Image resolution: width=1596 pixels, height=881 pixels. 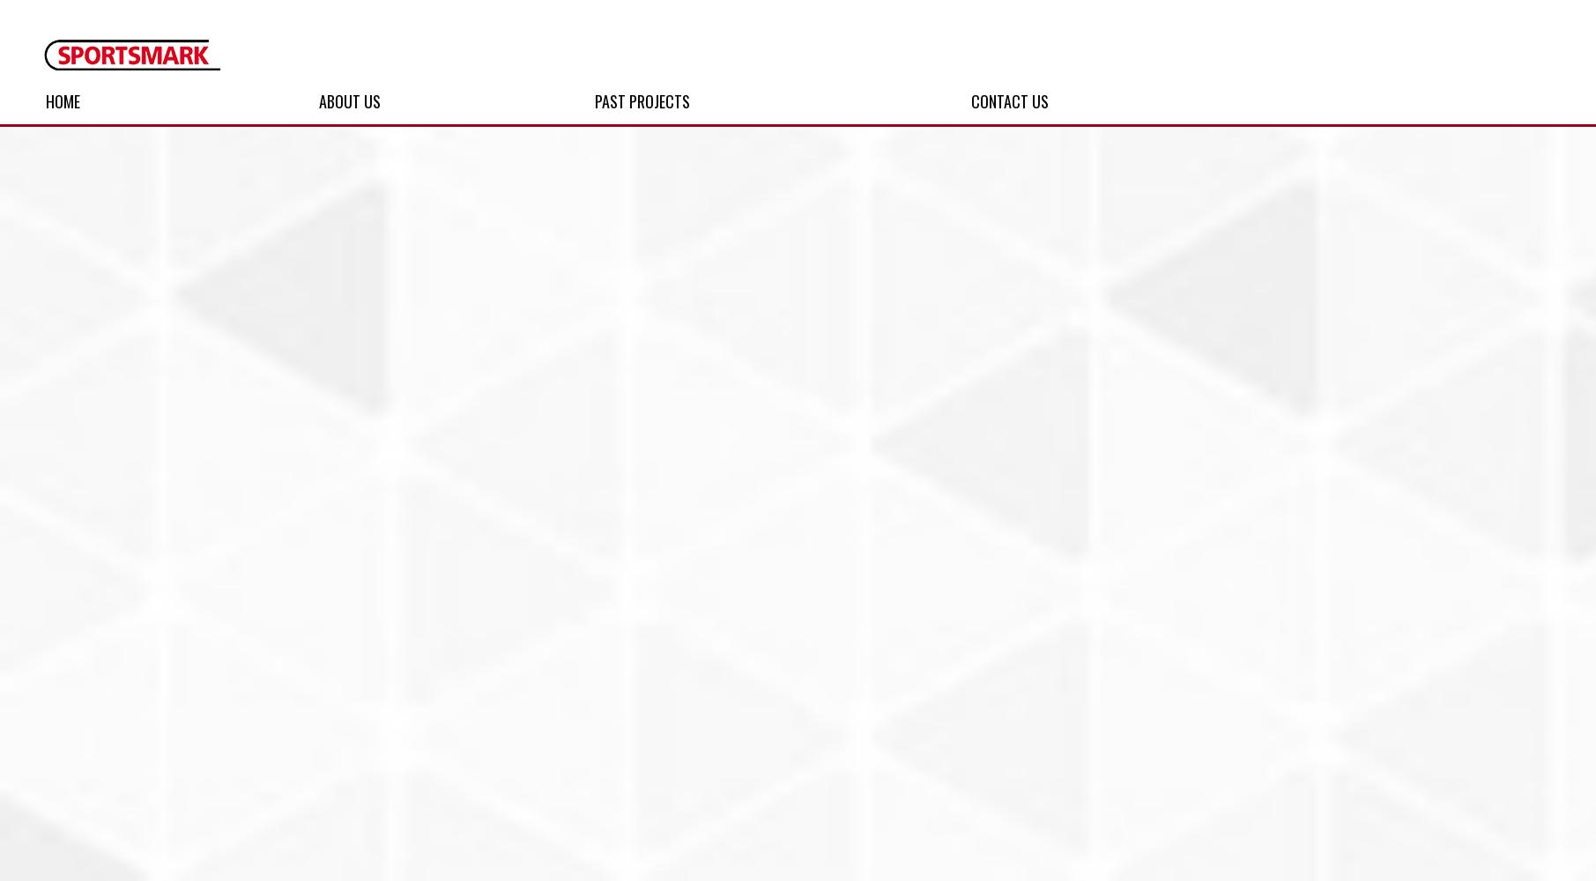 What do you see at coordinates (328, 285) in the screenshot?
I see `'Useful Sports Links'` at bounding box center [328, 285].